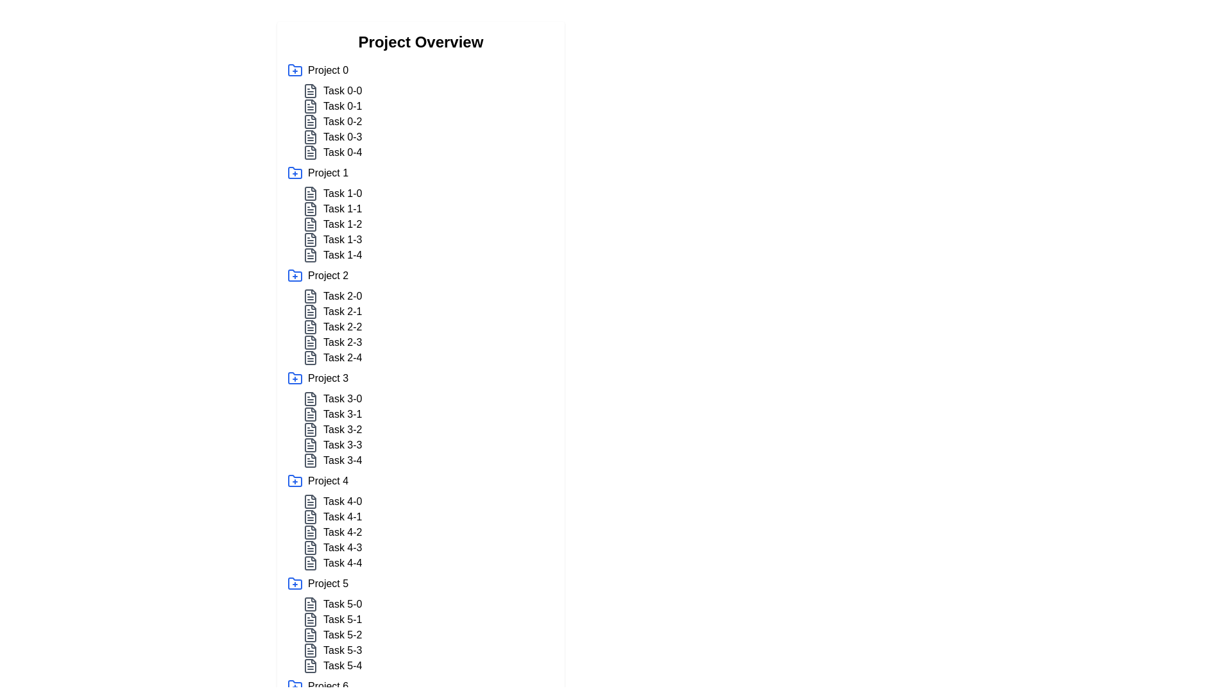 Image resolution: width=1232 pixels, height=693 pixels. I want to click on the Vector Graphic Component representing the folder icon for 'Project 6' in the Project Overview list, so click(295, 685).